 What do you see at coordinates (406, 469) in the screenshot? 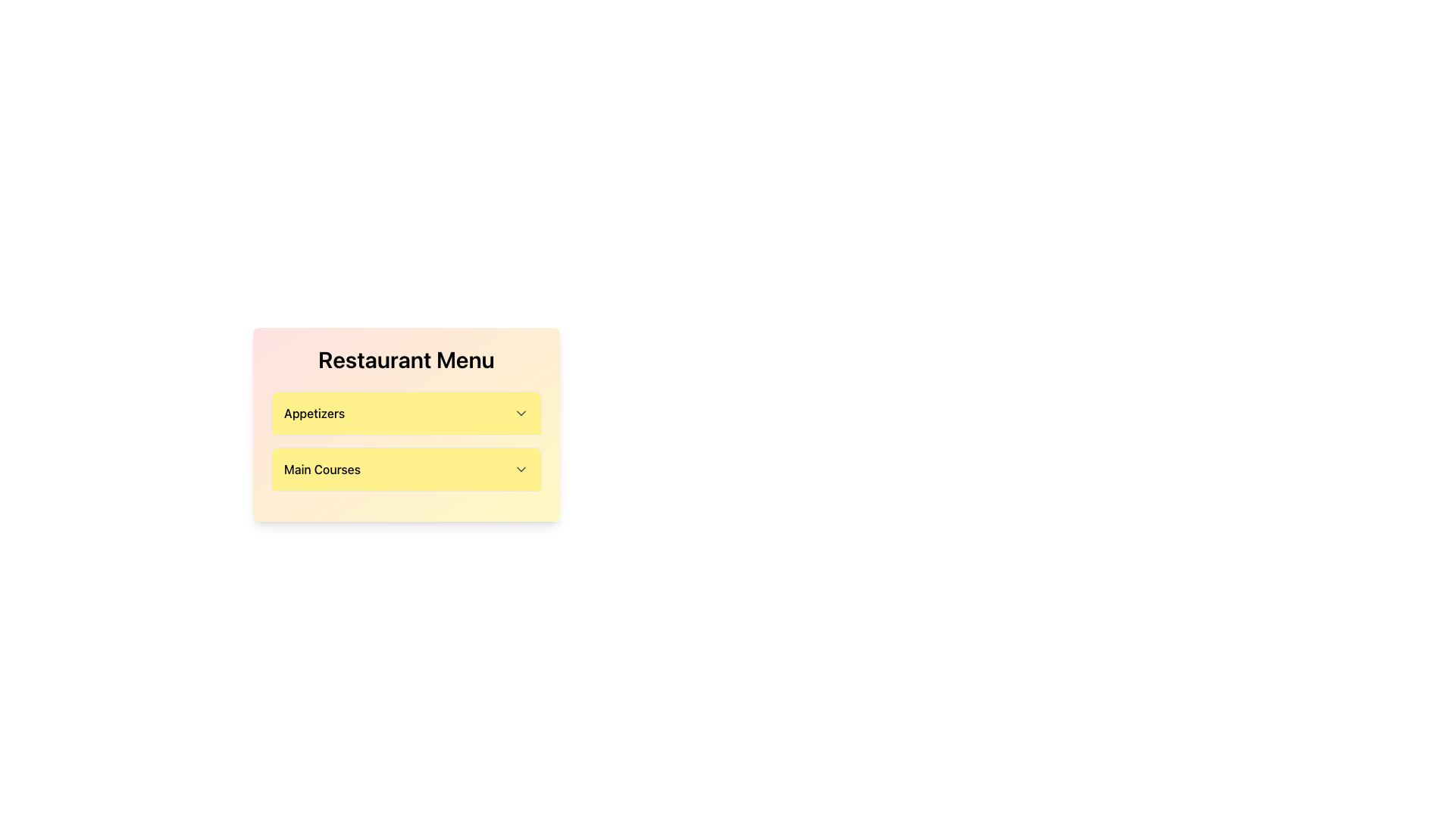
I see `the 'Main Courses' dropdown menu button` at bounding box center [406, 469].